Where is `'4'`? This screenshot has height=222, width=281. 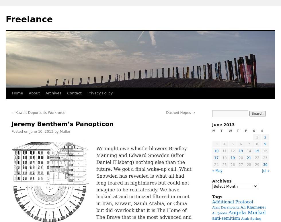
'4' is located at coordinates (223, 144).